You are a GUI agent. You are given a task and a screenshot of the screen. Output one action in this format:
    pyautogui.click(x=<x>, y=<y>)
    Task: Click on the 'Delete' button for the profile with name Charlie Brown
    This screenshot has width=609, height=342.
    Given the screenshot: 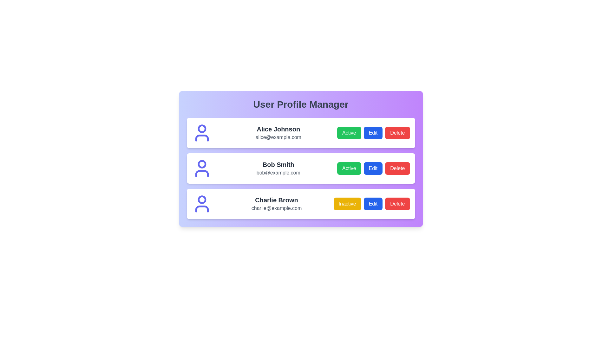 What is the action you would take?
    pyautogui.click(x=397, y=204)
    